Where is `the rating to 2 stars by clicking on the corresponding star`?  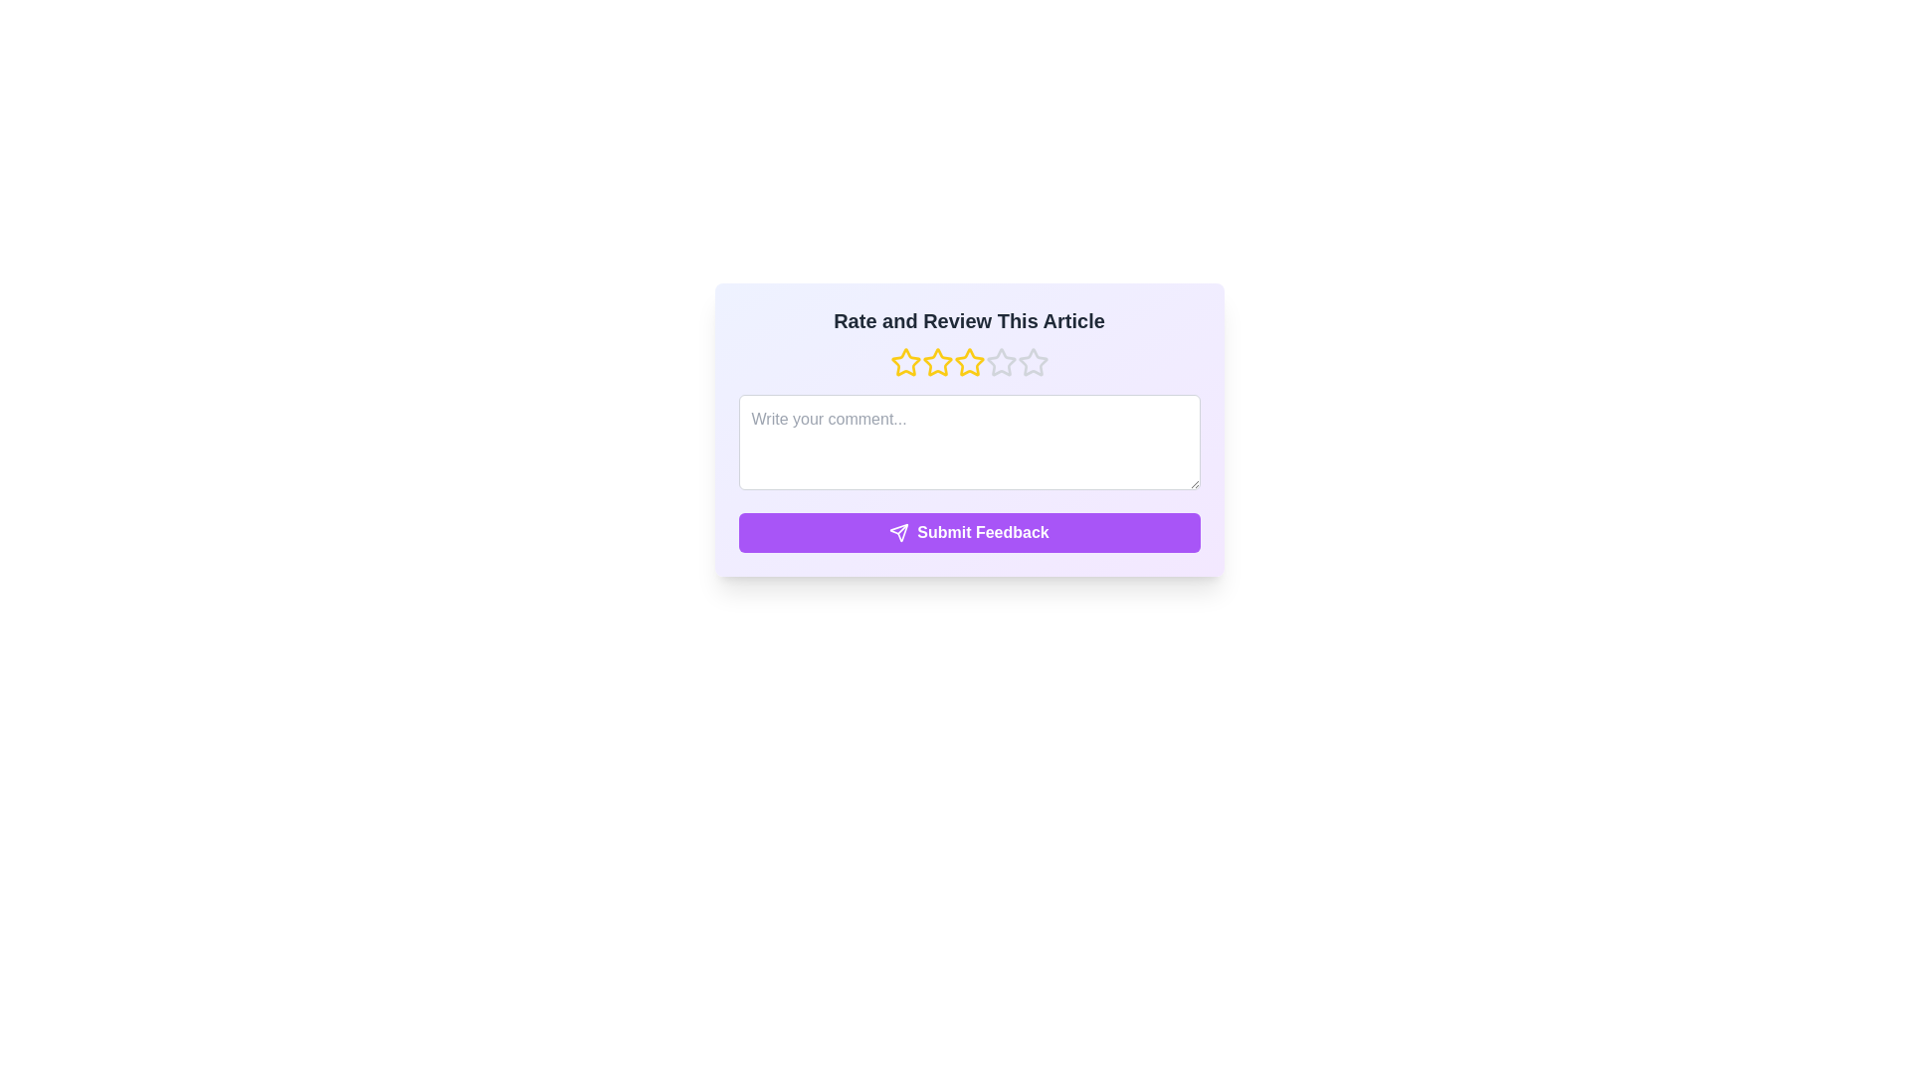
the rating to 2 stars by clicking on the corresponding star is located at coordinates (935, 363).